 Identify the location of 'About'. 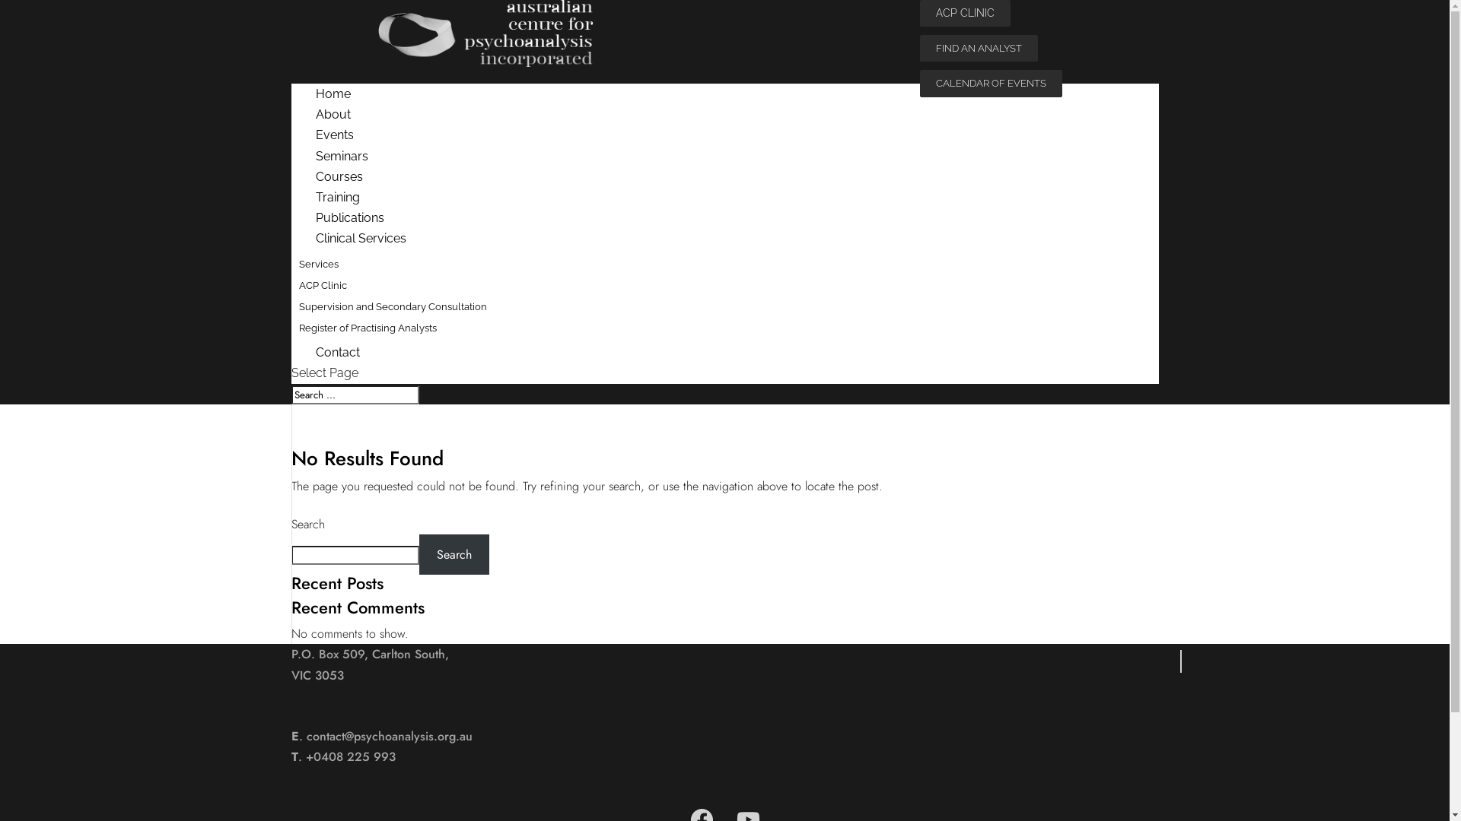
(332, 113).